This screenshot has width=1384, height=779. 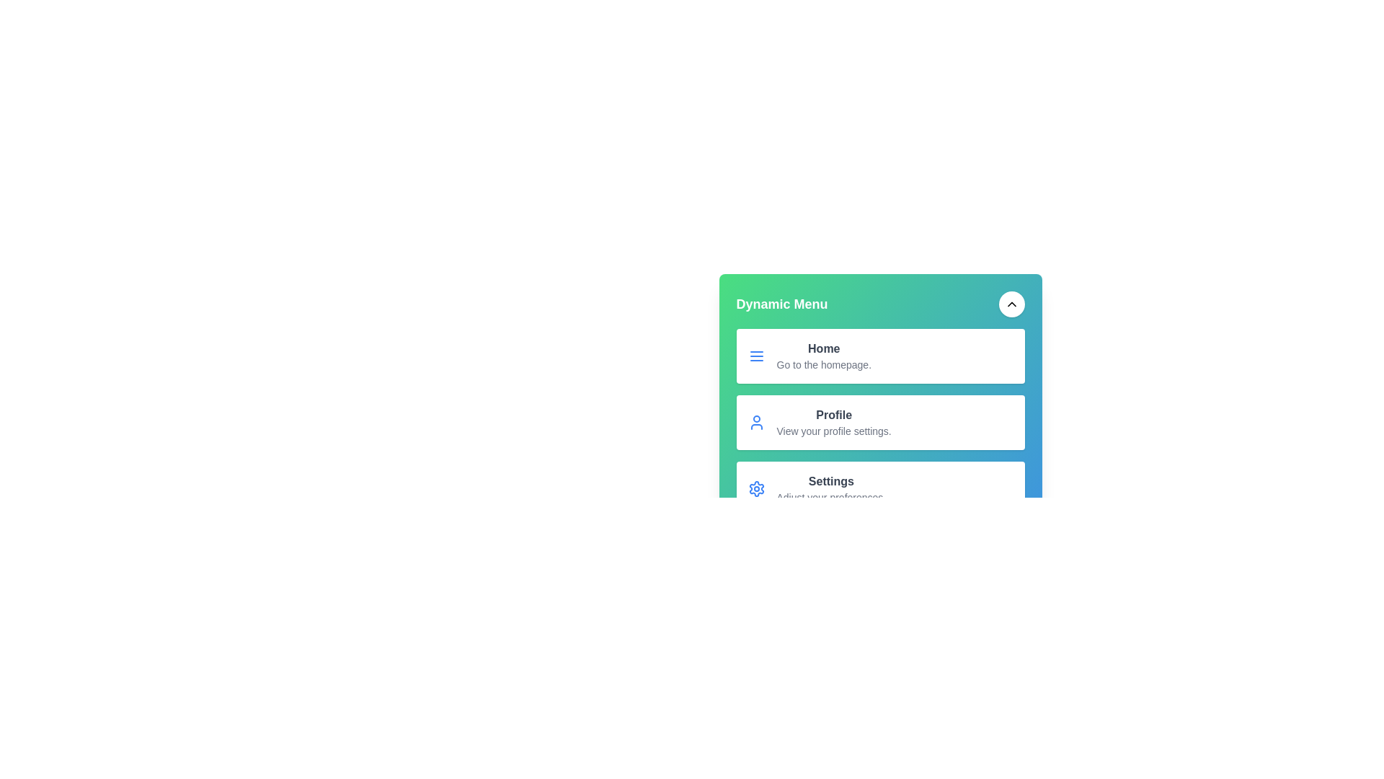 I want to click on the gear-shaped icon representing settings, which is located, so click(x=755, y=488).